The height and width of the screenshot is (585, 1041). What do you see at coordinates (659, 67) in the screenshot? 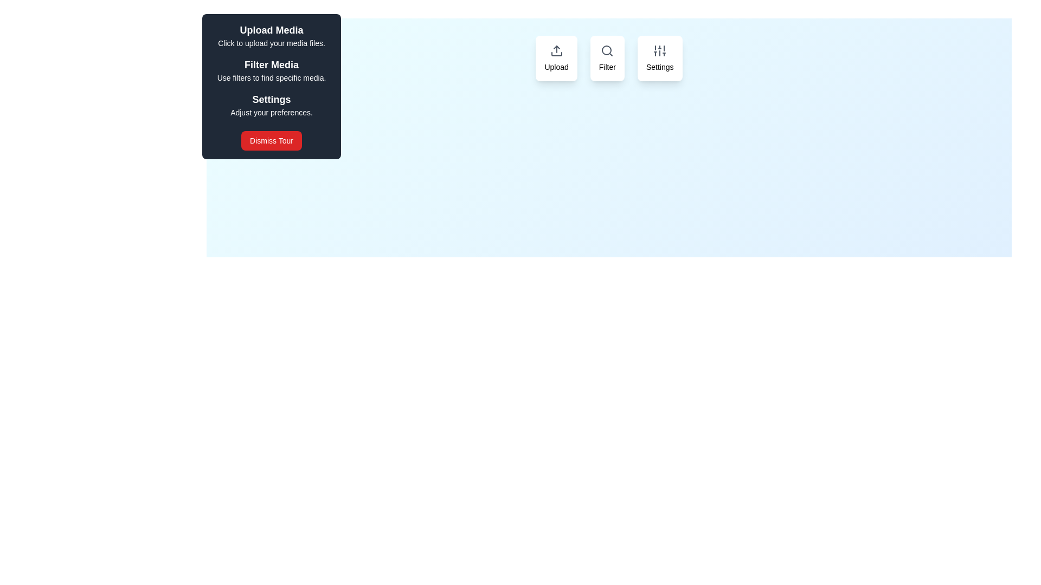
I see `'Settings' label located in the top-right section of the interface, below the sliders icon in the third card` at bounding box center [659, 67].